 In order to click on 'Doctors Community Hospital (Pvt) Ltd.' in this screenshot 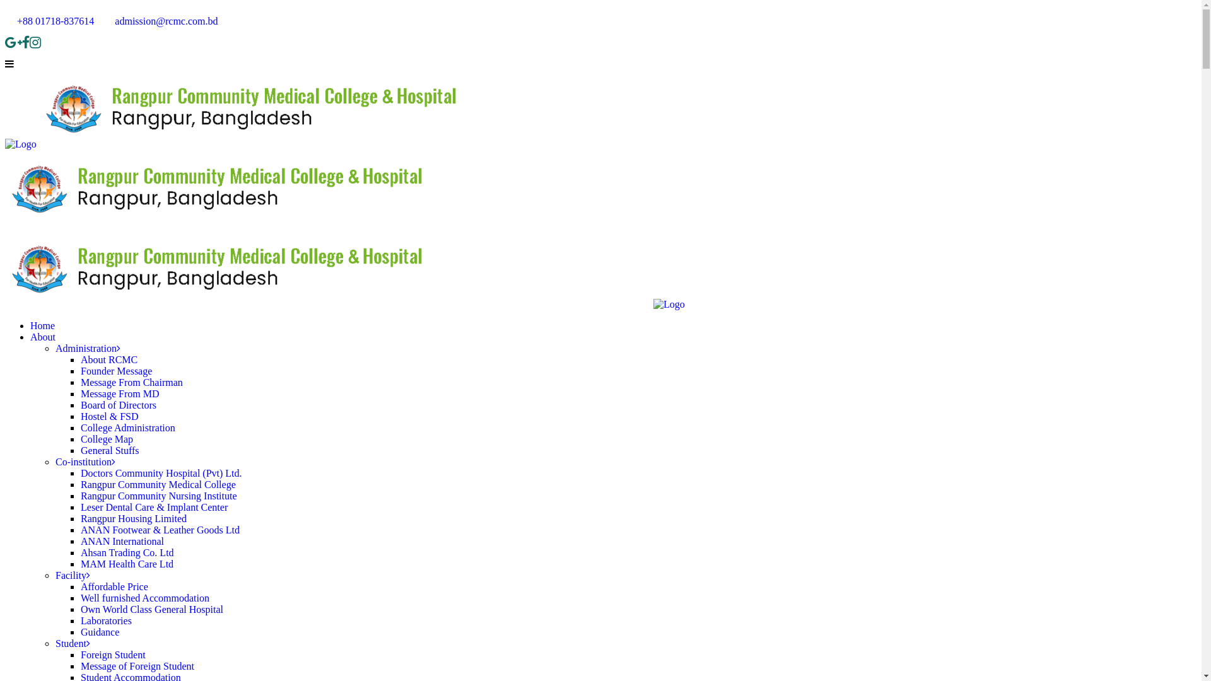, I will do `click(160, 473)`.